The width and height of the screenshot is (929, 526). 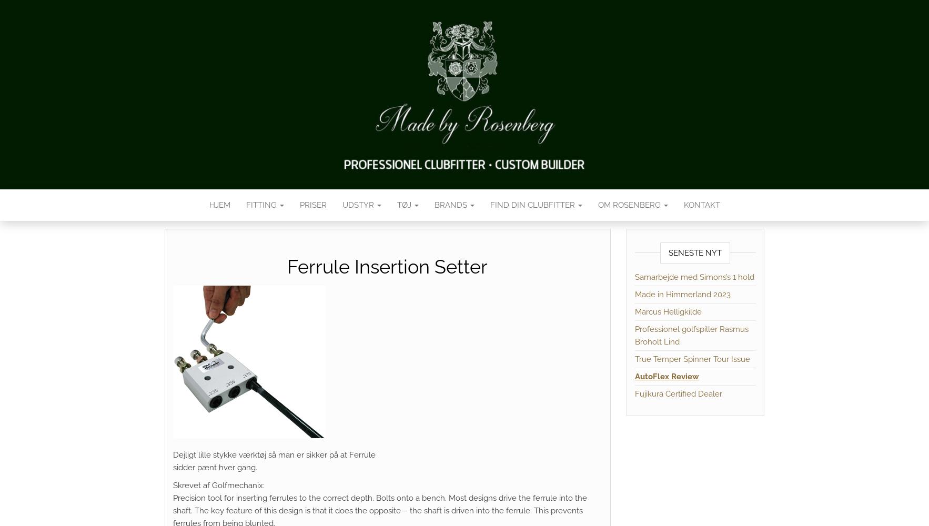 I want to click on 'Brands', so click(x=434, y=205).